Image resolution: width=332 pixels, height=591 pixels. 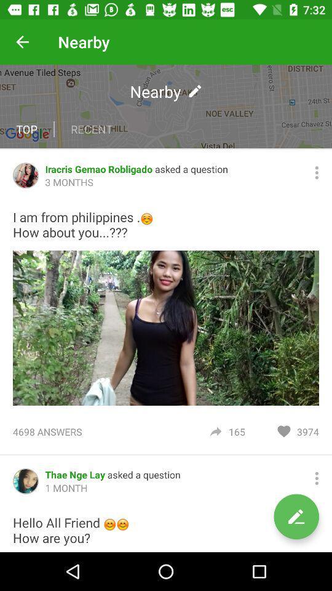 I want to click on more options, so click(x=317, y=172).